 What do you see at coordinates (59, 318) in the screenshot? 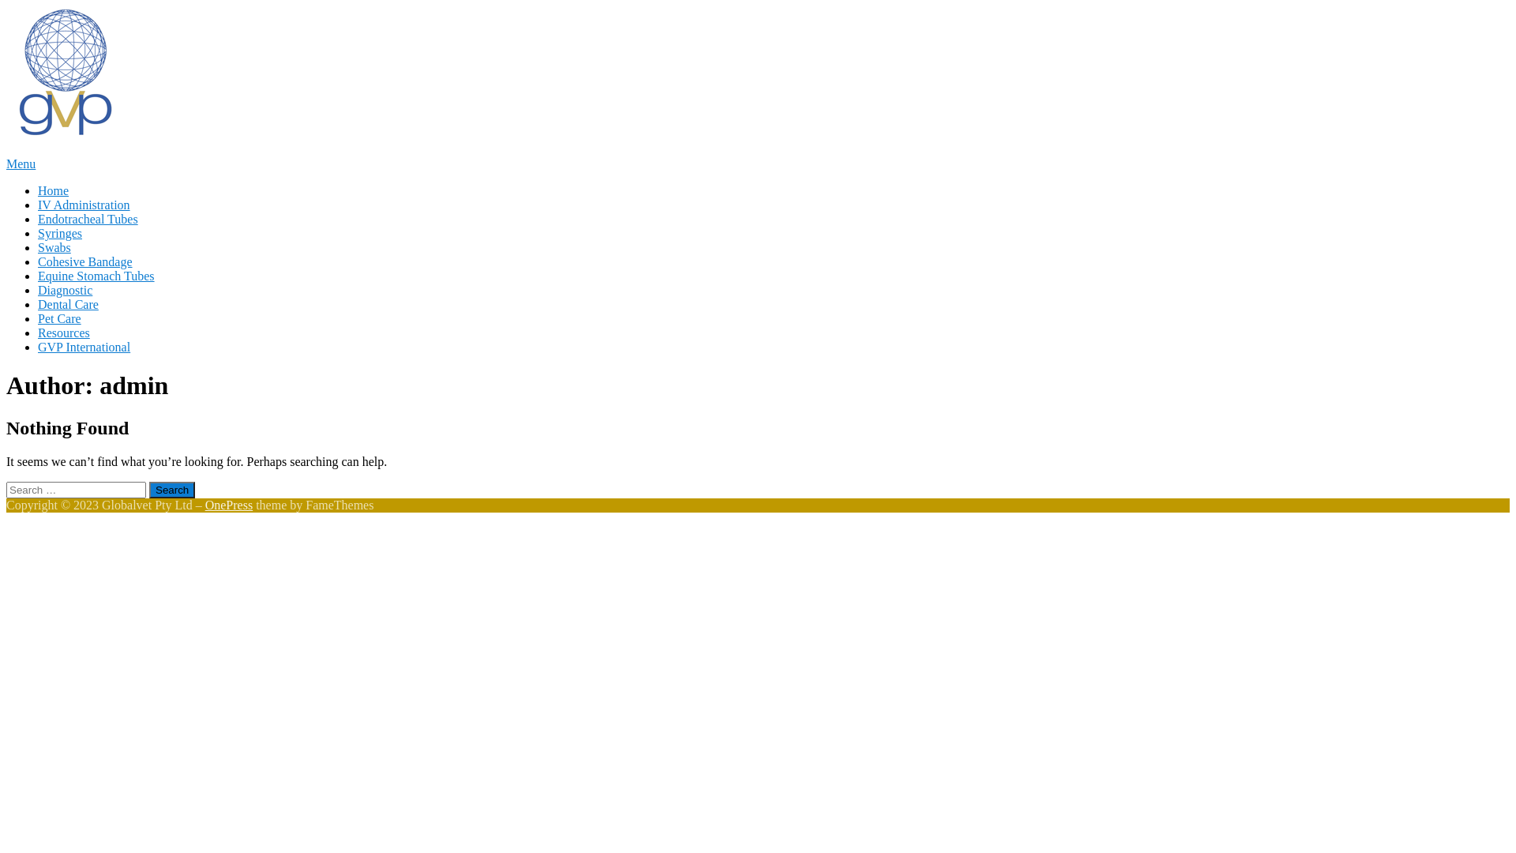
I see `'Pet Care'` at bounding box center [59, 318].